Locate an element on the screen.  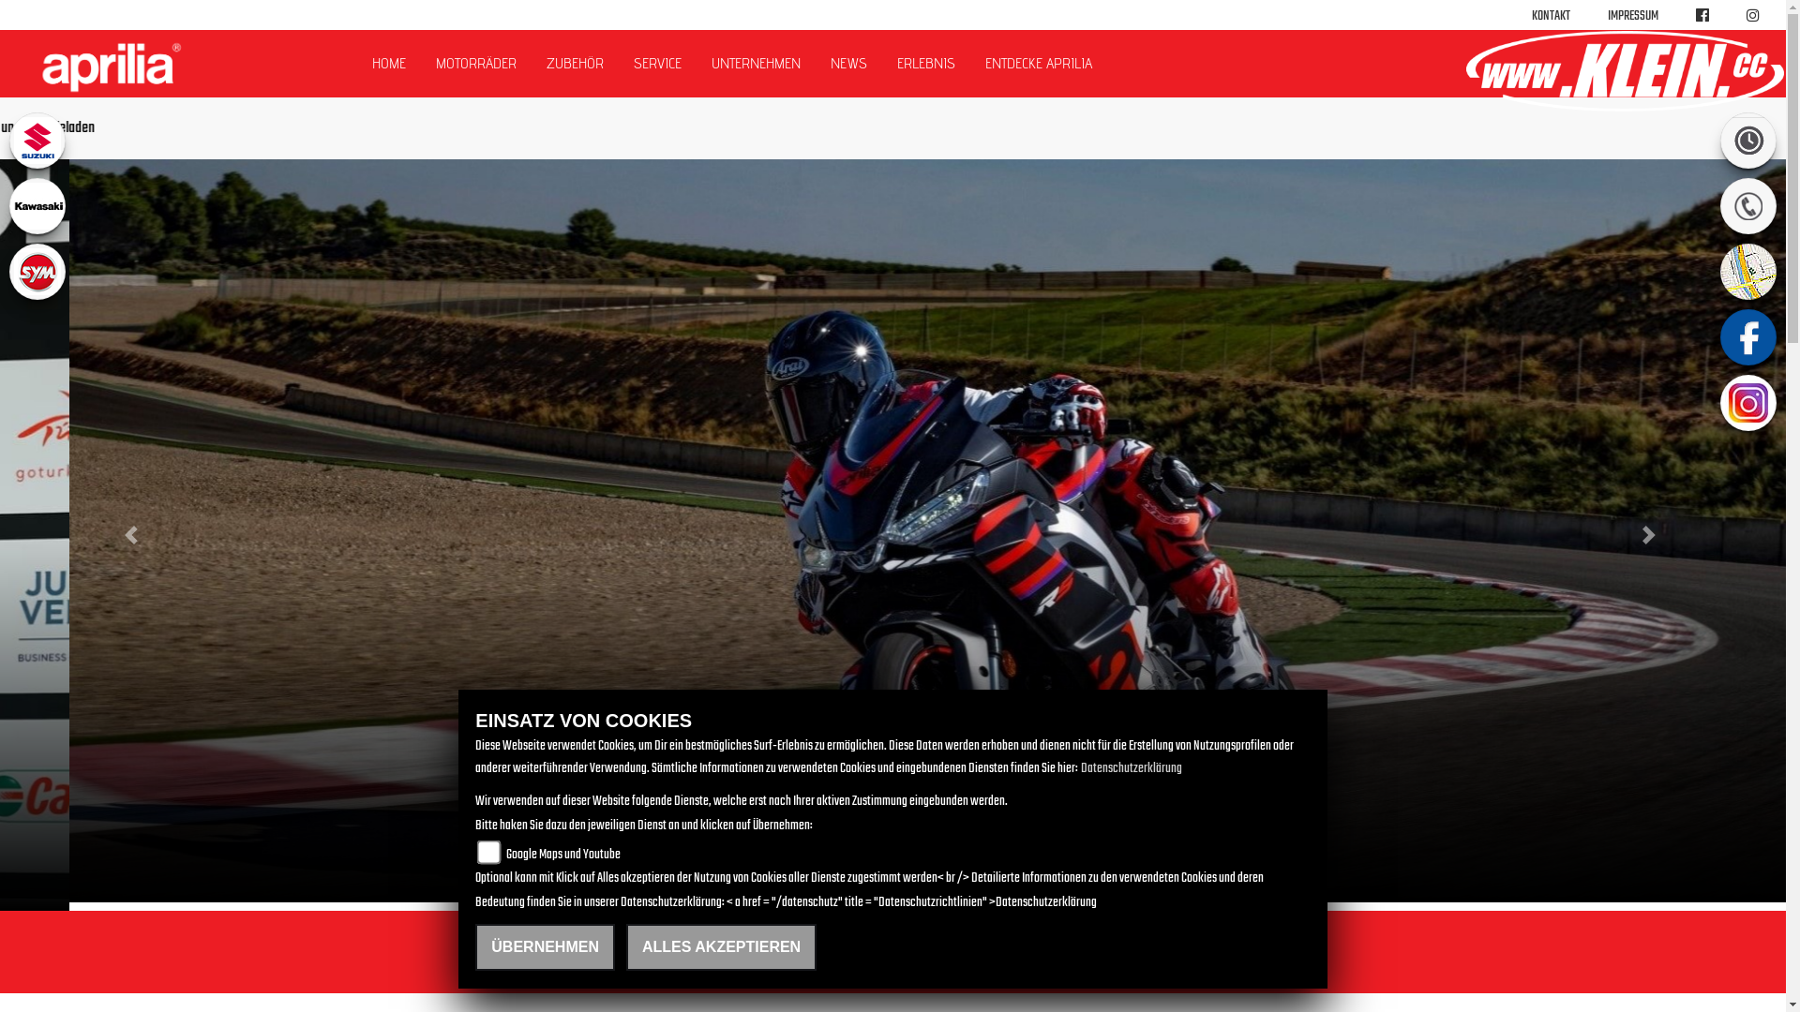
'ENTDECKE APRILIA' is located at coordinates (1038, 63).